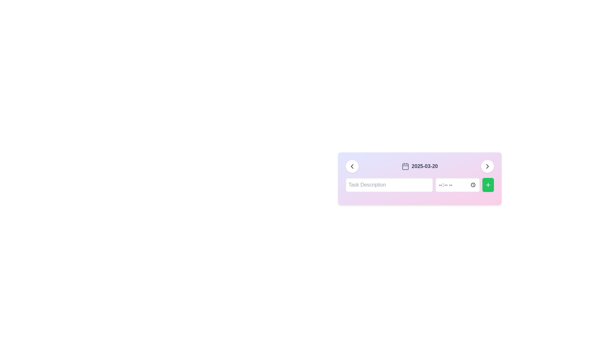  I want to click on the Chevron Left icon, which is a gray chevron pointing left, so click(352, 166).